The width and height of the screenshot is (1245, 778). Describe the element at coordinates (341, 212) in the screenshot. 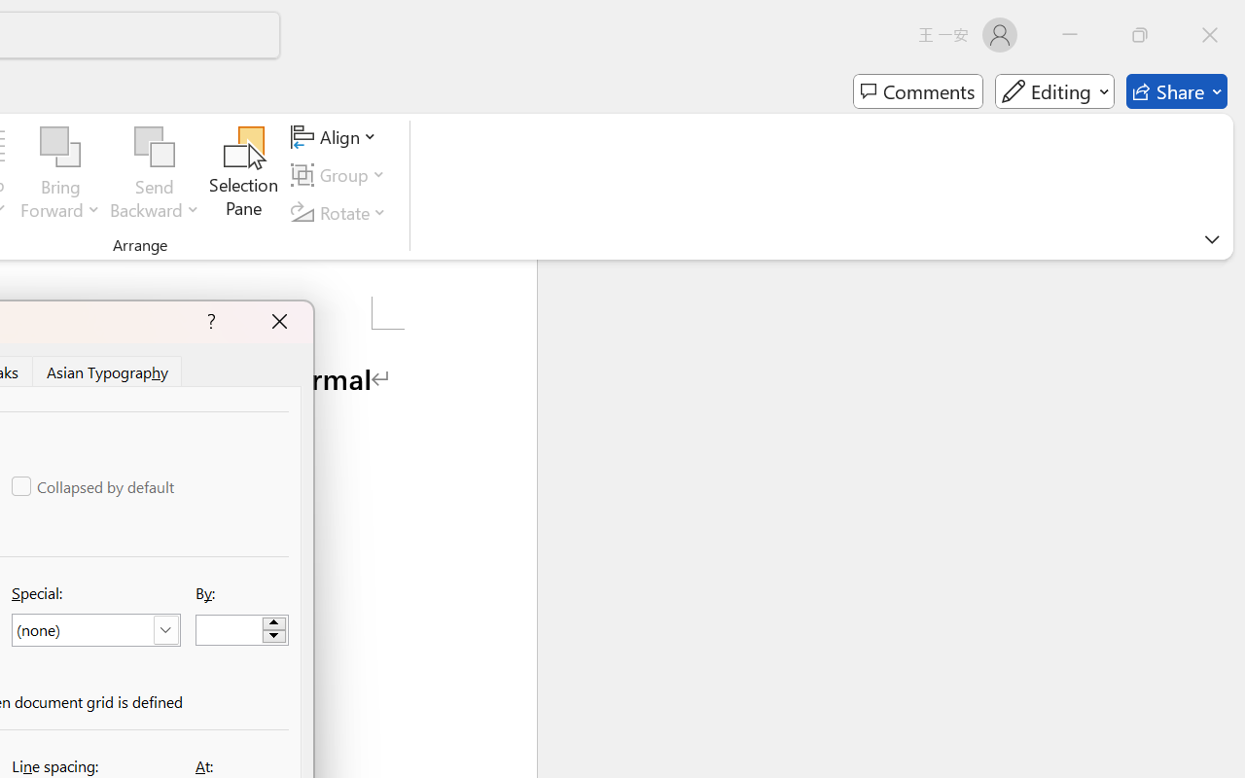

I see `'Rotate'` at that location.